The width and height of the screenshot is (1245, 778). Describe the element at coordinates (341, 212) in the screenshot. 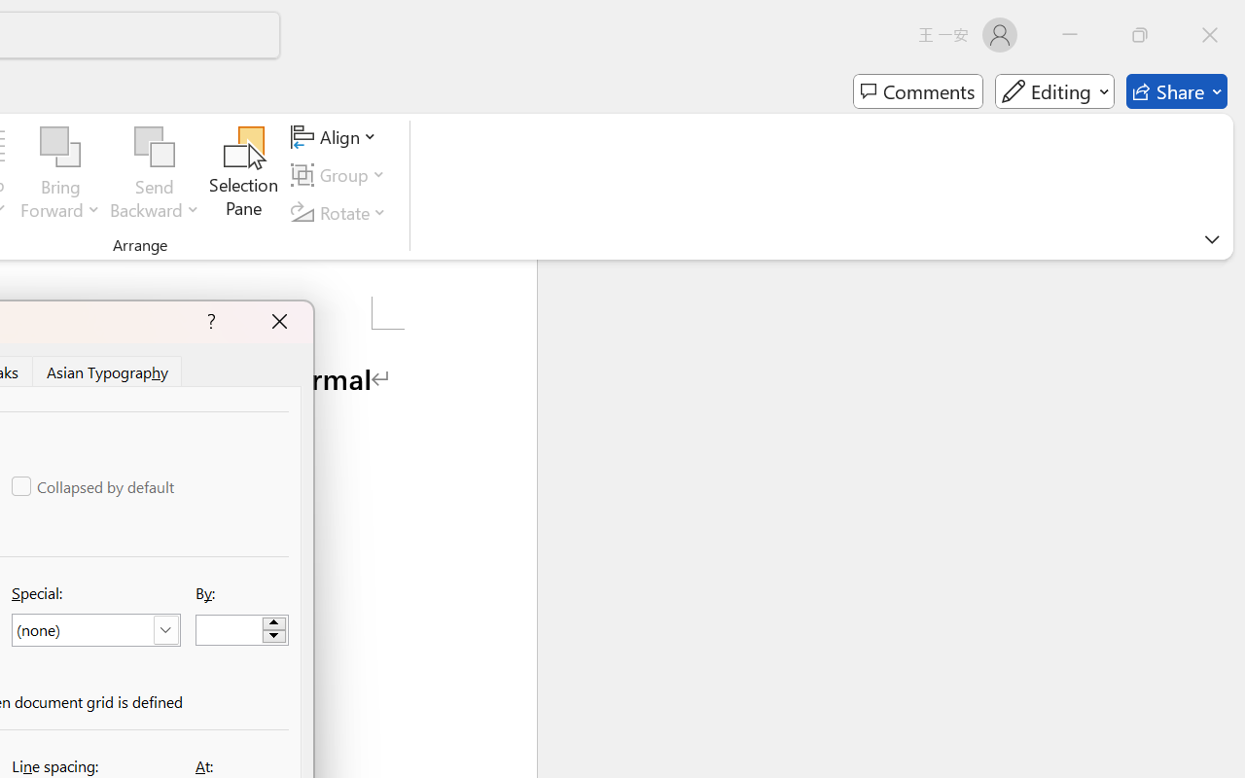

I see `'Rotate'` at that location.